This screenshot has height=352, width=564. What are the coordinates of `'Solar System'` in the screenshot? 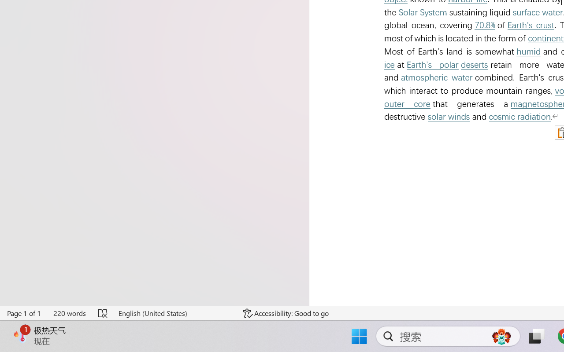 It's located at (423, 12).